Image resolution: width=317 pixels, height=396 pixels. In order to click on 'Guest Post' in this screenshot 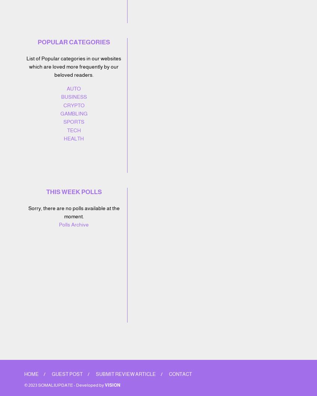, I will do `click(67, 373)`.